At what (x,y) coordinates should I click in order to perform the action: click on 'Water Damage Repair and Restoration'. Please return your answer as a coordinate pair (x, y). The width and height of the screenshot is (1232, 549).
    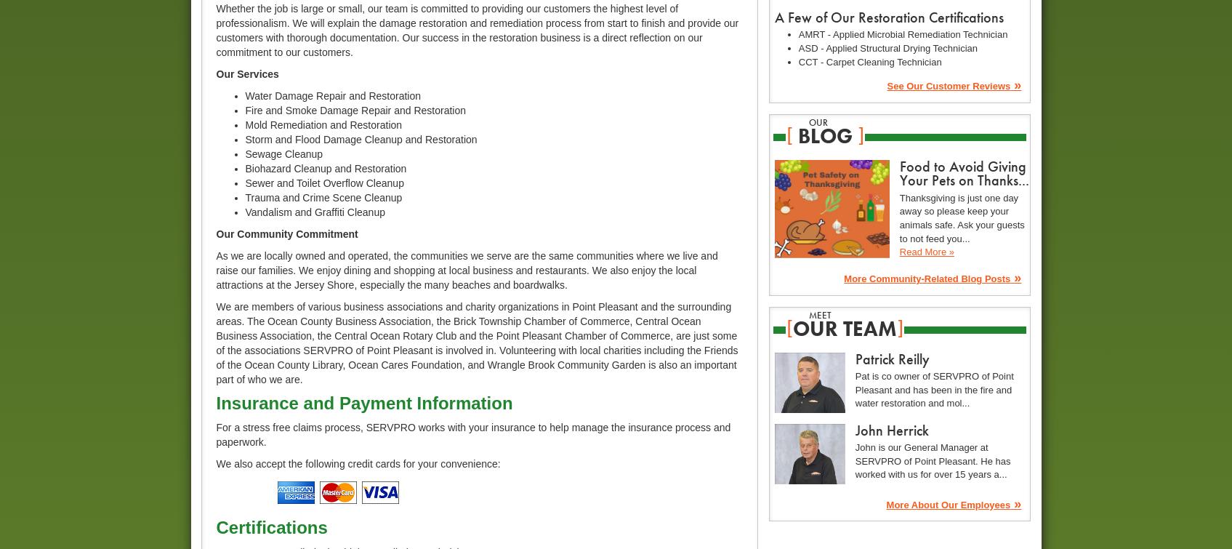
    Looking at the image, I should click on (331, 95).